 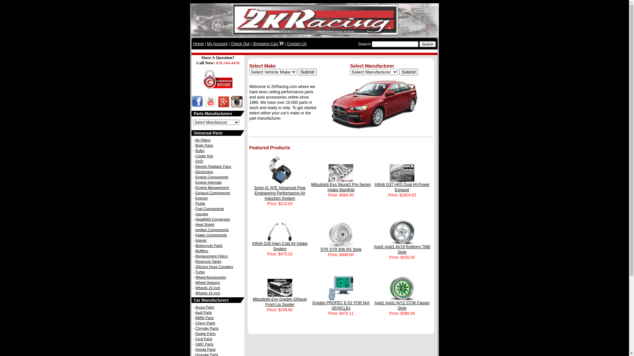 I want to click on 'Engine Management', so click(x=212, y=188).